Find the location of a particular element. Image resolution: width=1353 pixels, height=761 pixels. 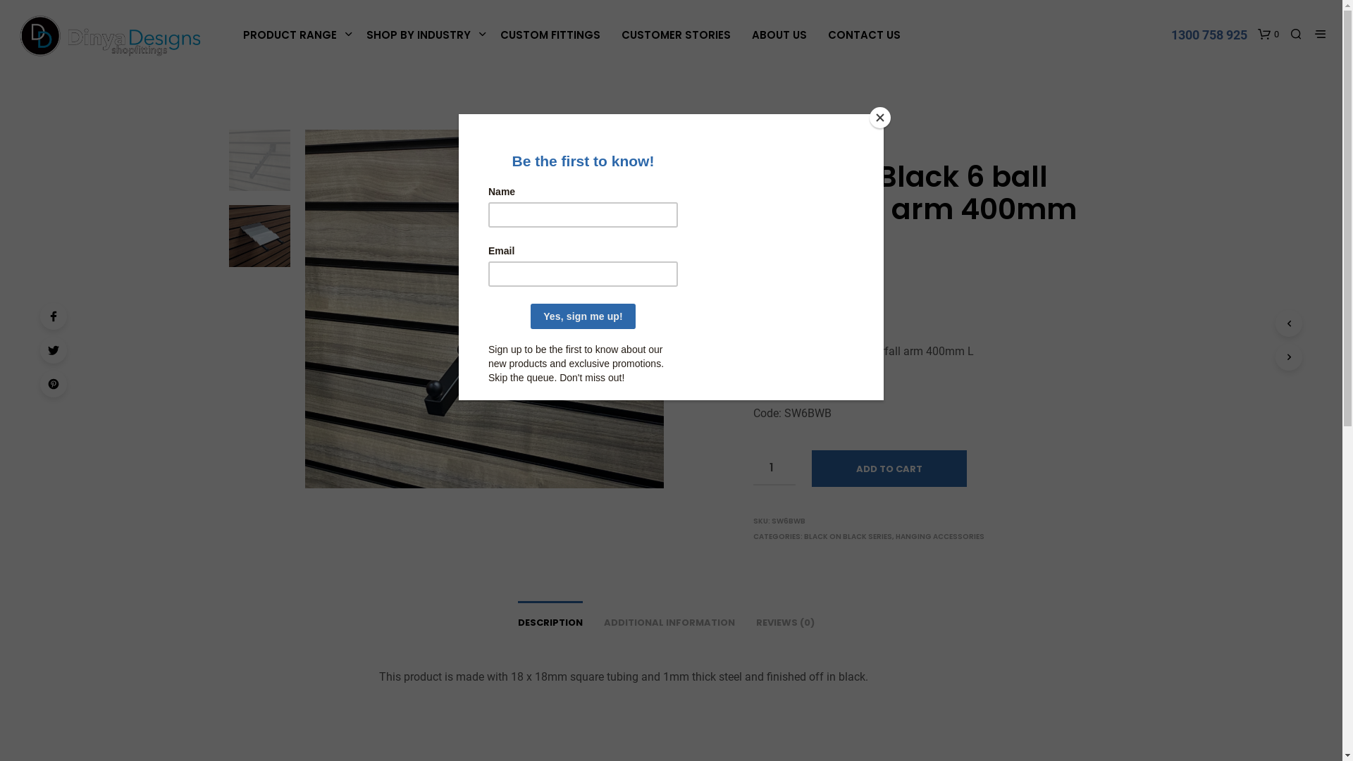

'ABOUT US' is located at coordinates (778, 35).